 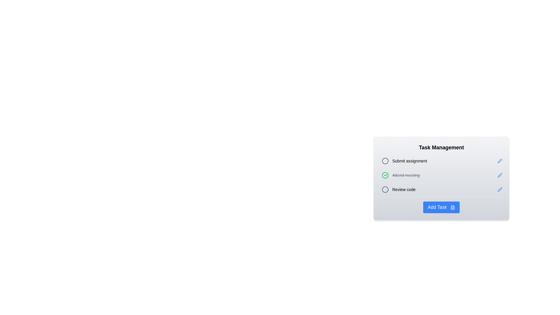 I want to click on the radio button associated with the task 'Submit assignment', so click(x=385, y=161).